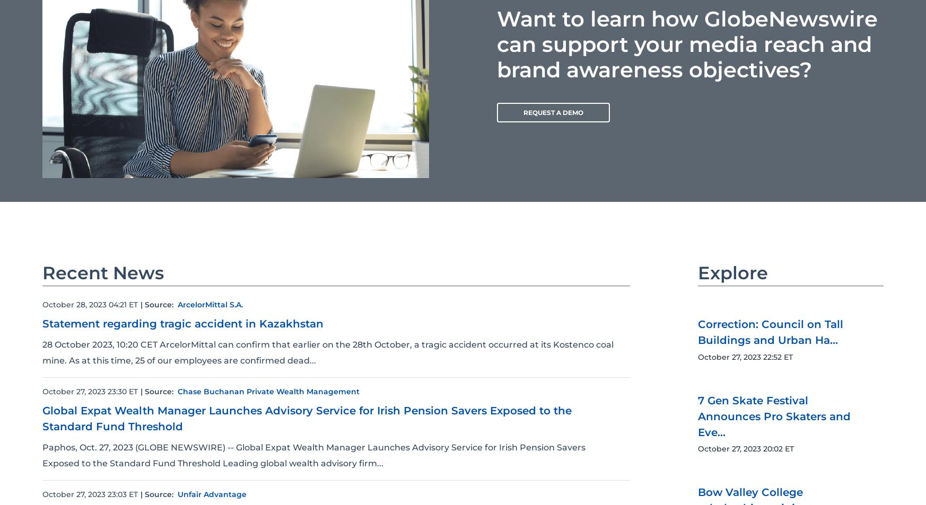 This screenshot has width=926, height=505. I want to click on 'Explore', so click(732, 272).